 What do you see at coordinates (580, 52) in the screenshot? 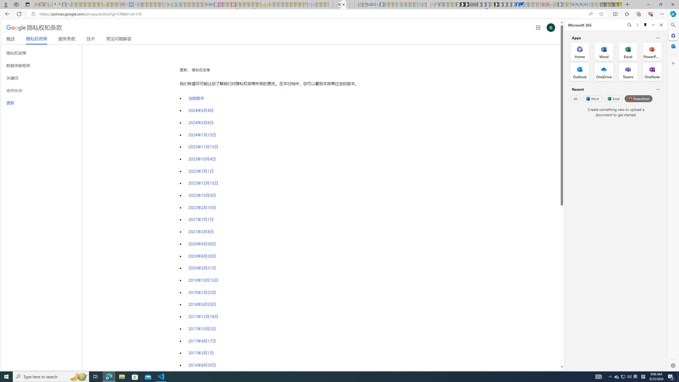
I see `'Home Office App'` at bounding box center [580, 52].